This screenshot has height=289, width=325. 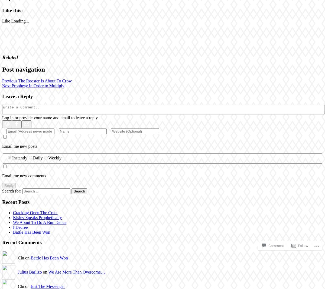 What do you see at coordinates (11, 191) in the screenshot?
I see `'Search for:'` at bounding box center [11, 191].